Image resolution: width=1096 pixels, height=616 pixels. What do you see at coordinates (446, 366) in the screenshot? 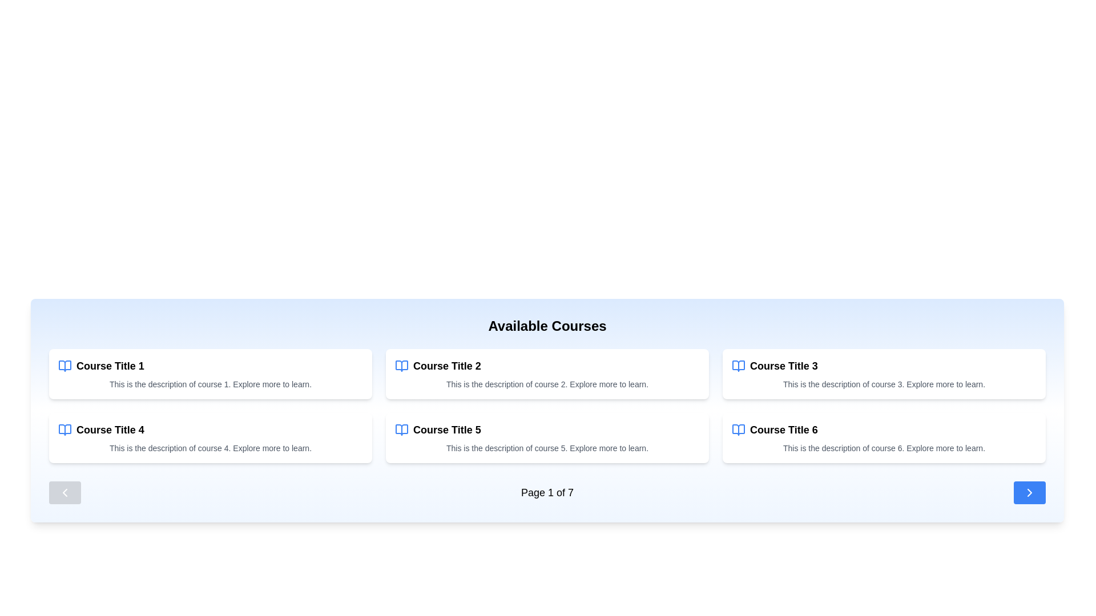
I see `the title text of the second course entry, which is positioned to the right of a blue book icon in a horizontal list of course cards` at bounding box center [446, 366].